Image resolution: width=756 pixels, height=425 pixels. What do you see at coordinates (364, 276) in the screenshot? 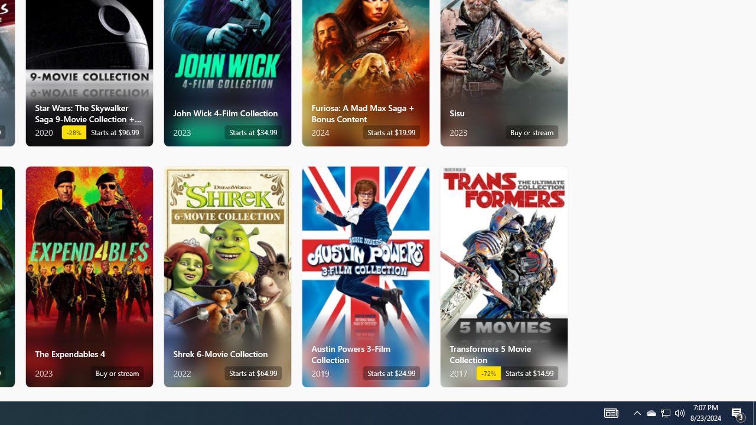
I see `'Austin Powers 3-Film Collection. Starts at $24.99  '` at bounding box center [364, 276].